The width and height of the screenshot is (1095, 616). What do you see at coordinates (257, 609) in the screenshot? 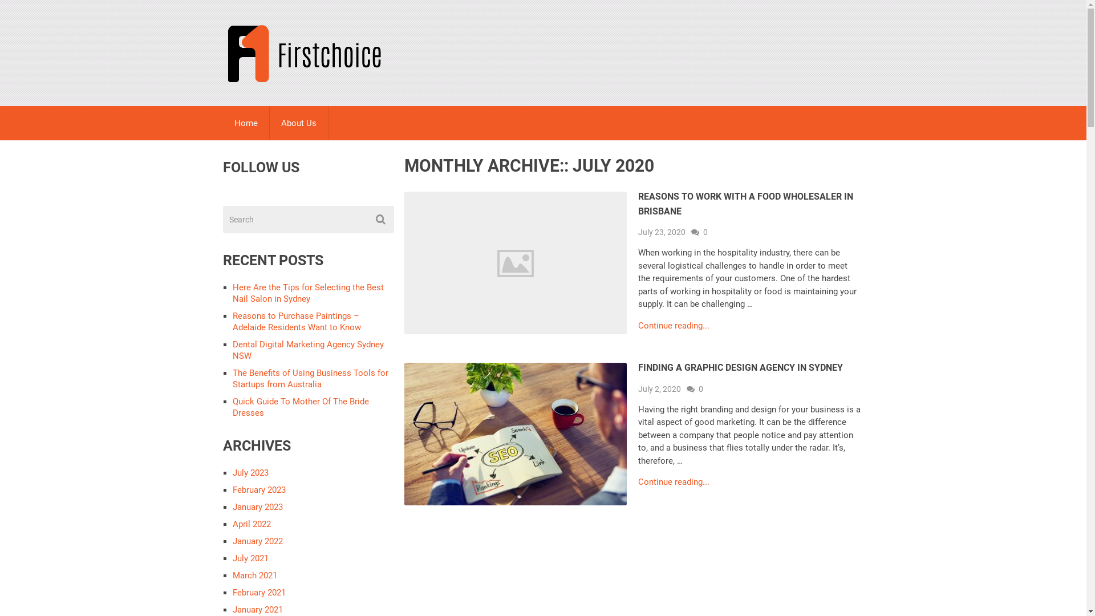
I see `'January 2021'` at bounding box center [257, 609].